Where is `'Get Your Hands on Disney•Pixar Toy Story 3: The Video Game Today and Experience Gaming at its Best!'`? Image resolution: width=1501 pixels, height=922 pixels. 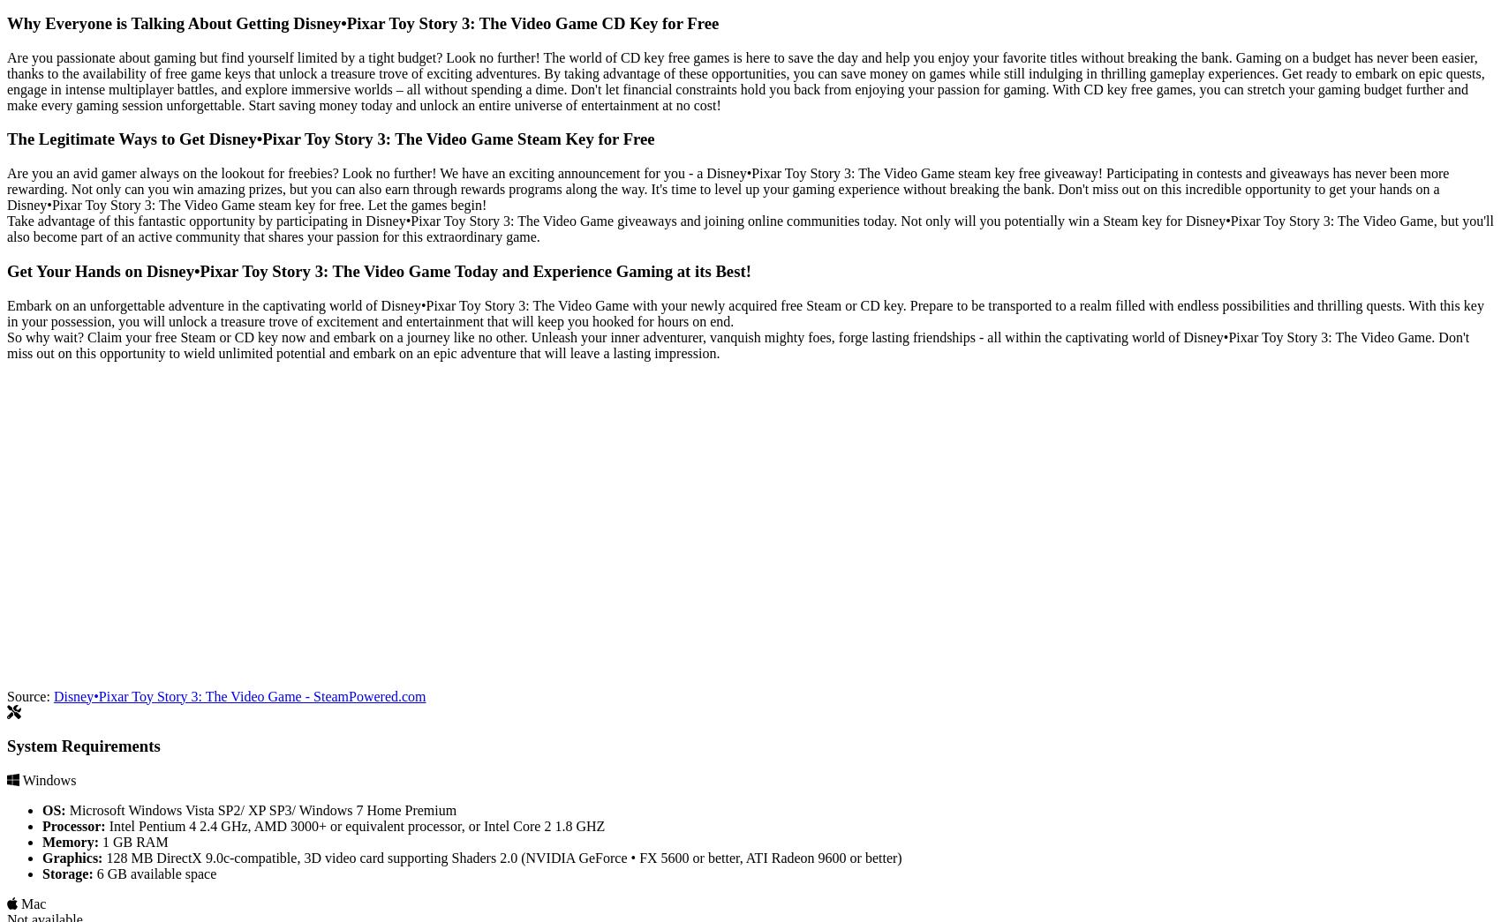 'Get Your Hands on Disney•Pixar Toy Story 3: The Video Game Today and Experience Gaming at its Best!' is located at coordinates (6, 270).